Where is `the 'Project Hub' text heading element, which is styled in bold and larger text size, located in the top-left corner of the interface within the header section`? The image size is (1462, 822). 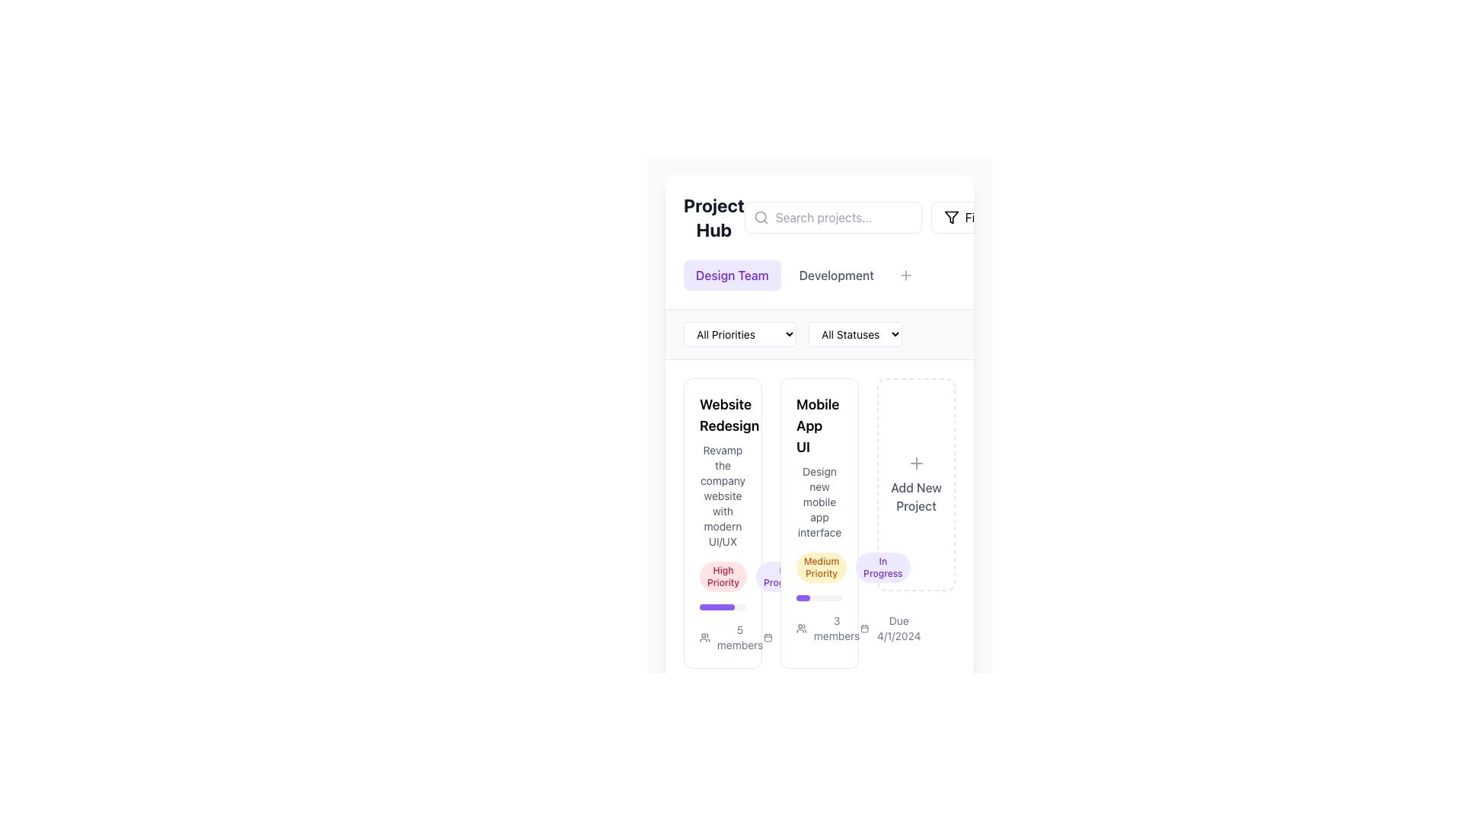
the 'Project Hub' text heading element, which is styled in bold and larger text size, located in the top-left corner of the interface within the header section is located at coordinates (713, 217).